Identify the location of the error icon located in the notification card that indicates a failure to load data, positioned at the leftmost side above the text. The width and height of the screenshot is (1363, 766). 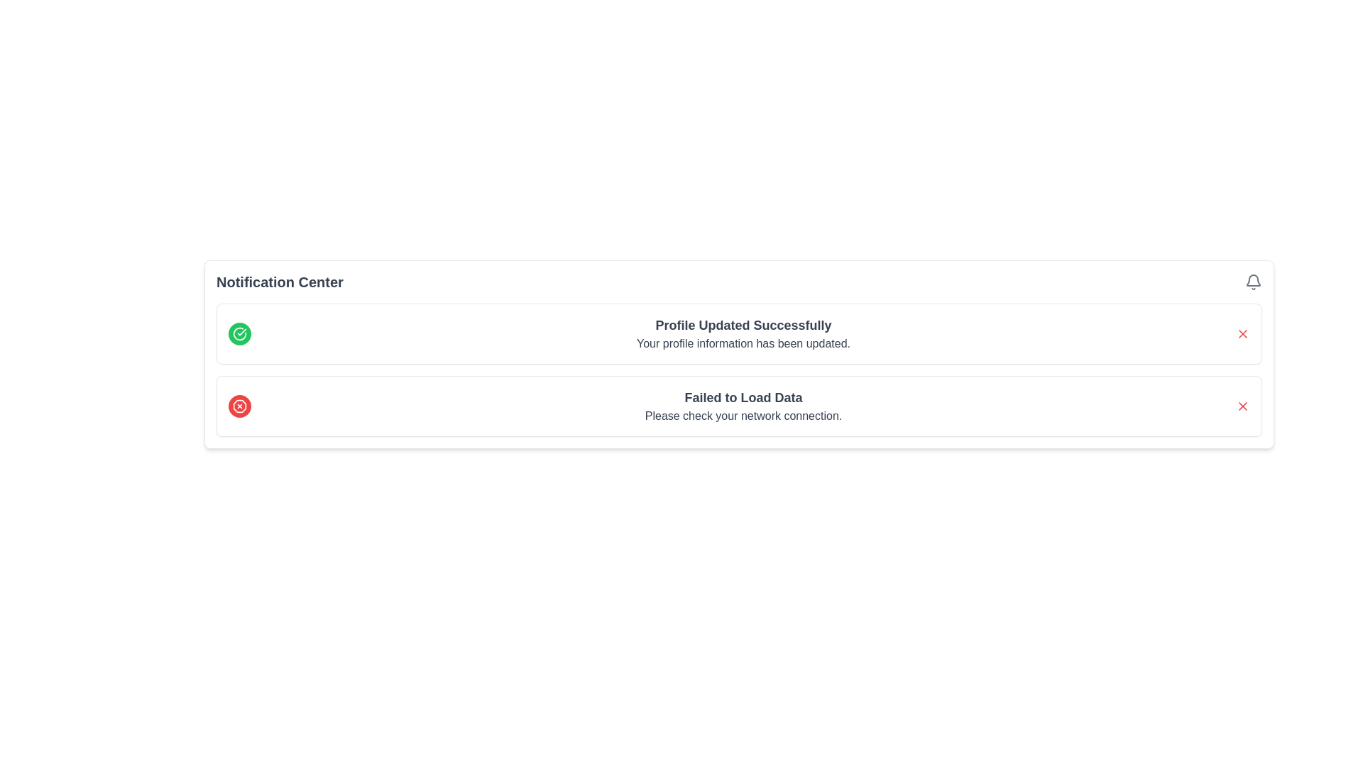
(239, 406).